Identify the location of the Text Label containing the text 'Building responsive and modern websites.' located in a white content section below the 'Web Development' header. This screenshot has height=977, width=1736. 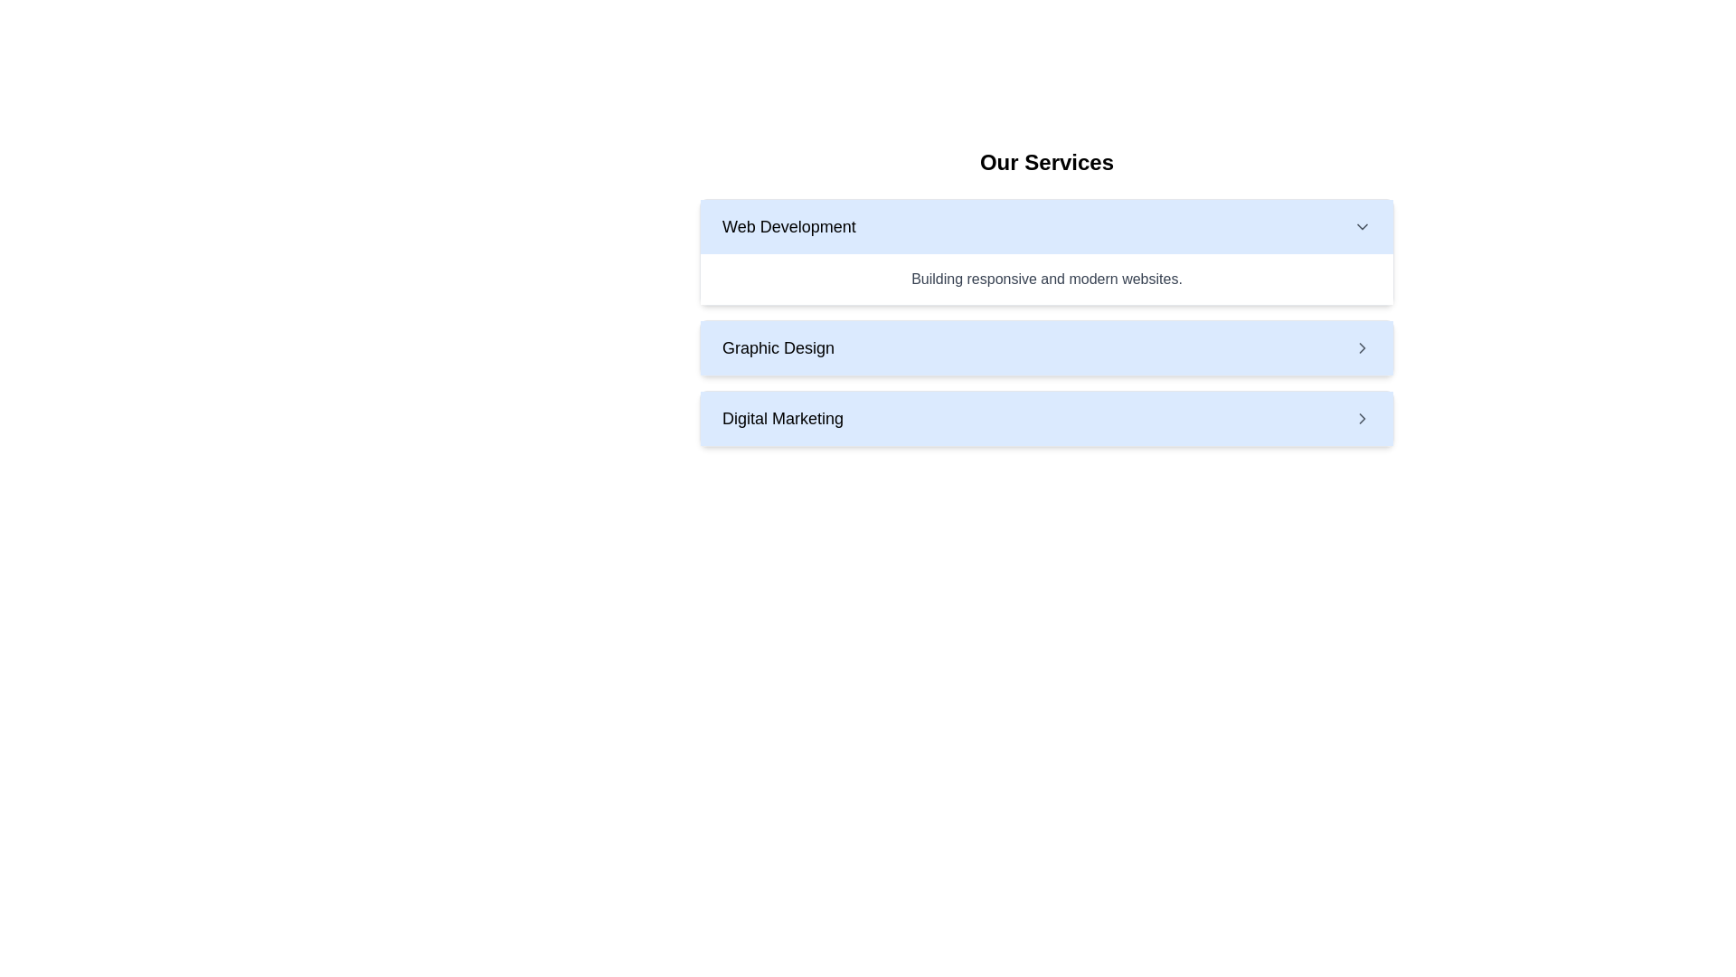
(1046, 279).